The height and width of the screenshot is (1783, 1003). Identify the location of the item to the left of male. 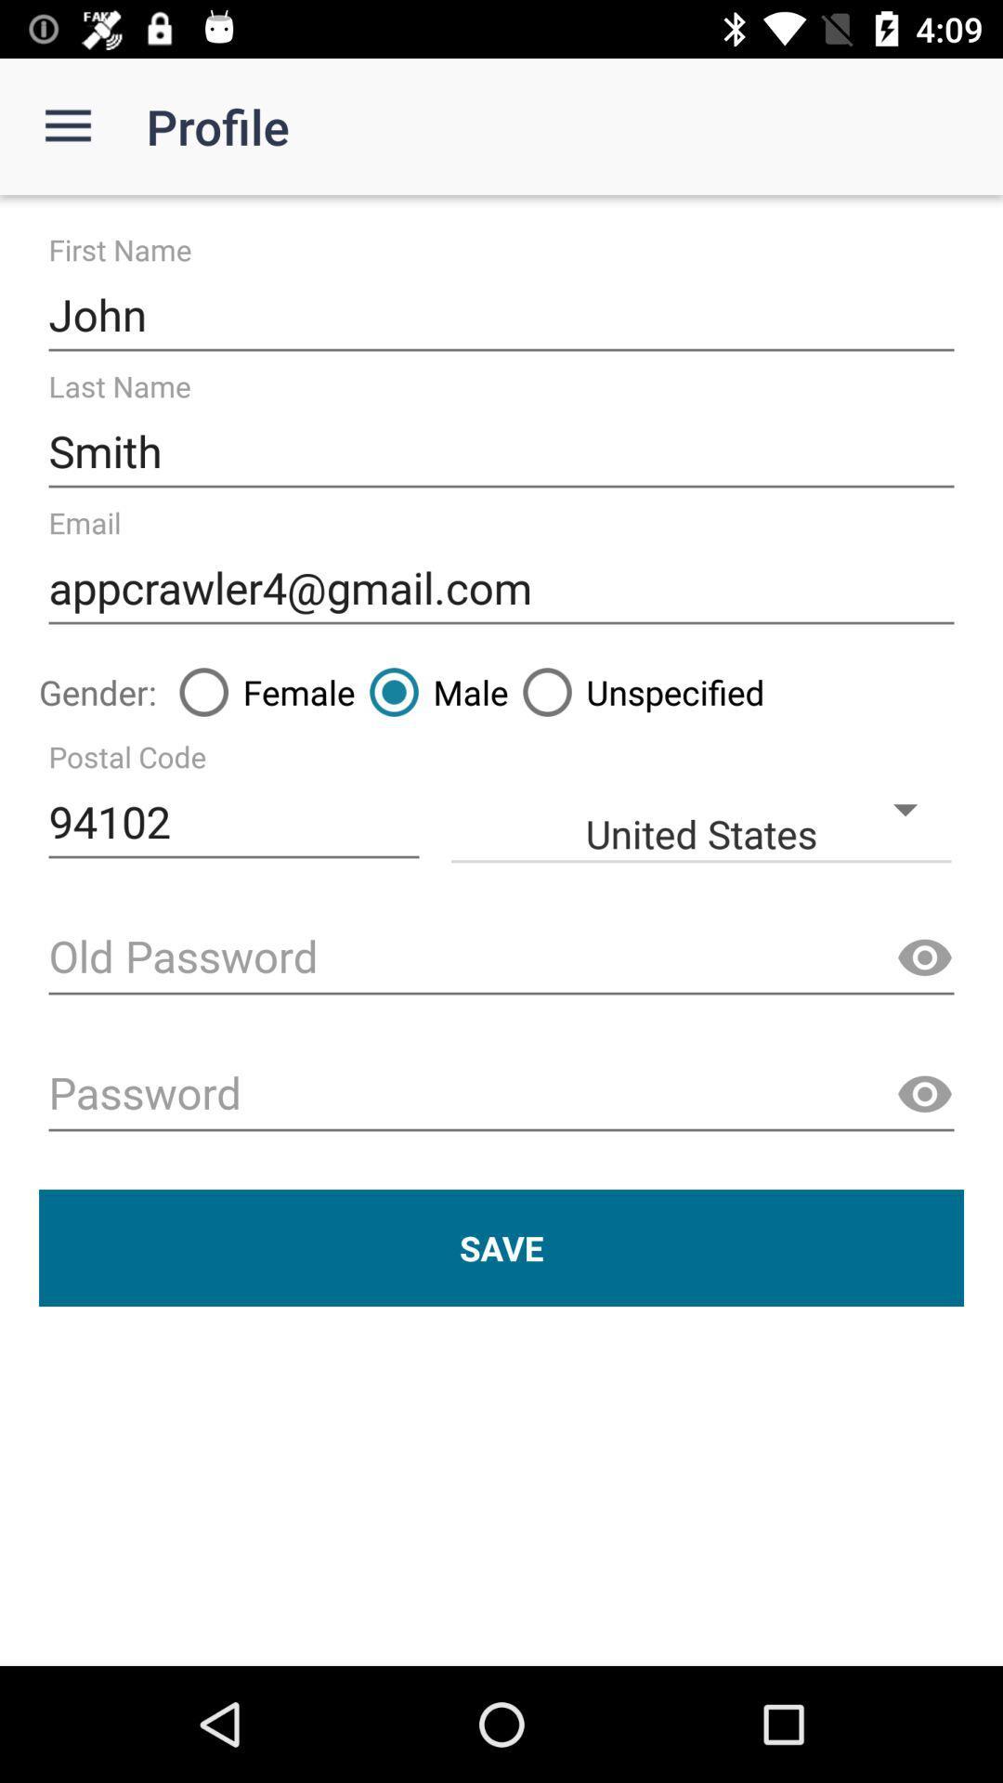
(260, 691).